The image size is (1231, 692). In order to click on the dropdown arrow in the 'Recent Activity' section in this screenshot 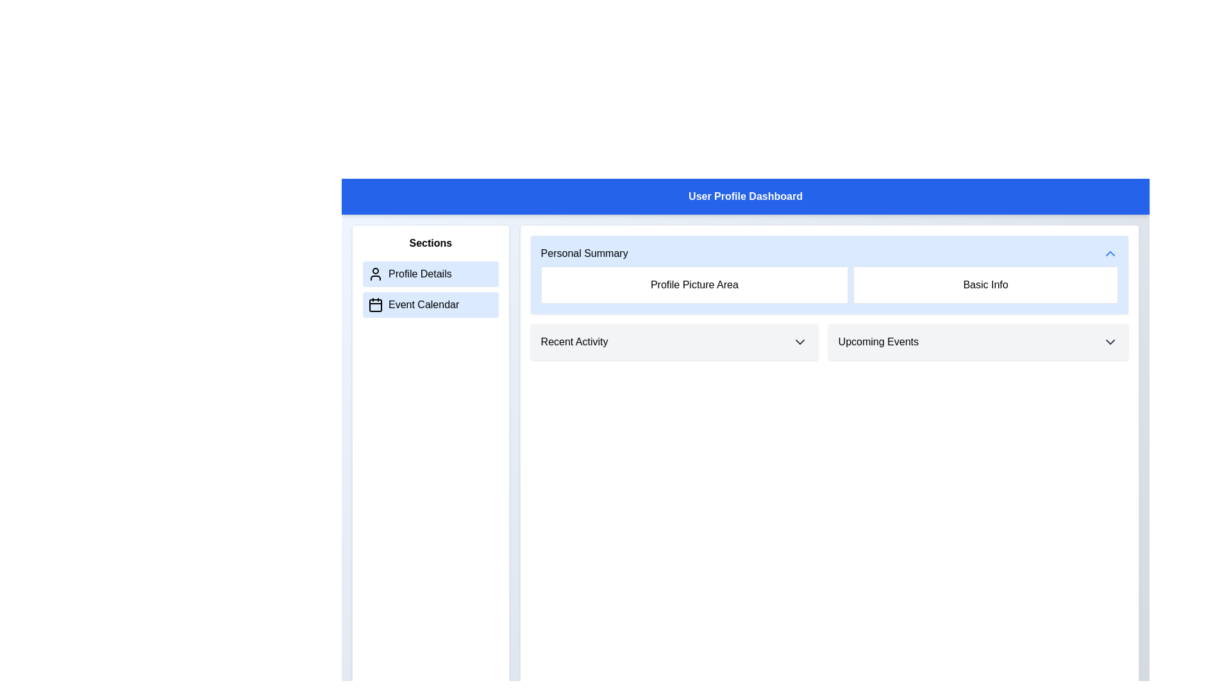, I will do `click(673, 341)`.